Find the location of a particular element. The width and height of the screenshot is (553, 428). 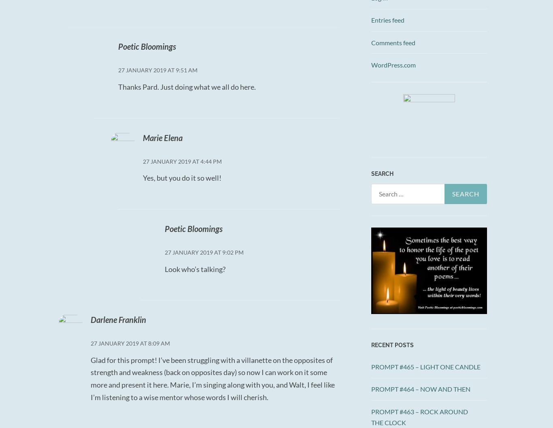

'Recent Posts' is located at coordinates (371, 345).